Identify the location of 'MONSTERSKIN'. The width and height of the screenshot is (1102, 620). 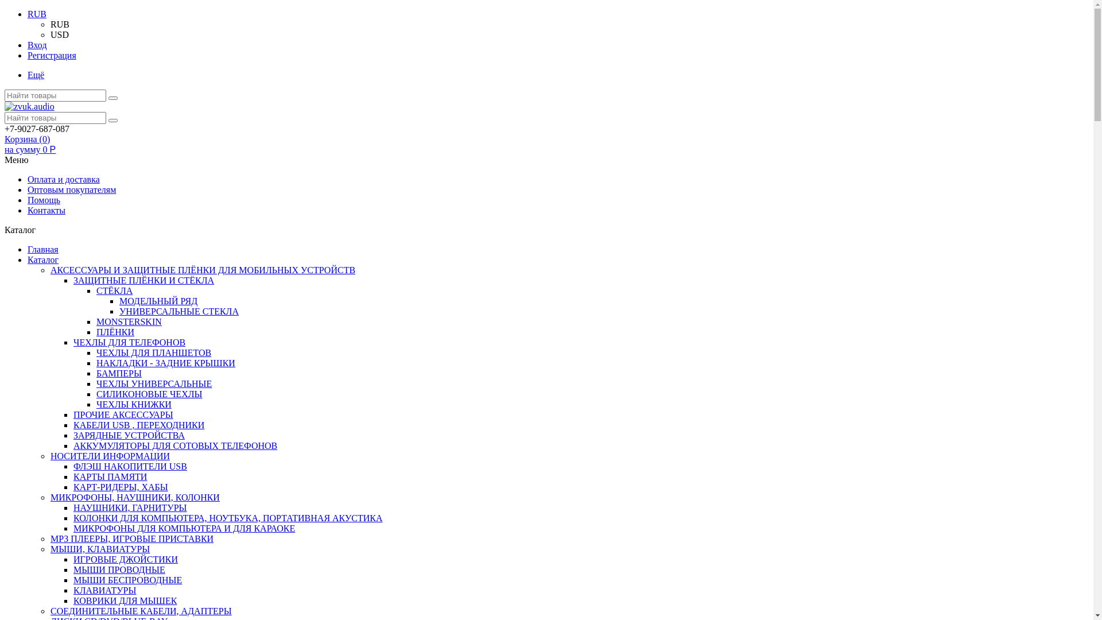
(96, 321).